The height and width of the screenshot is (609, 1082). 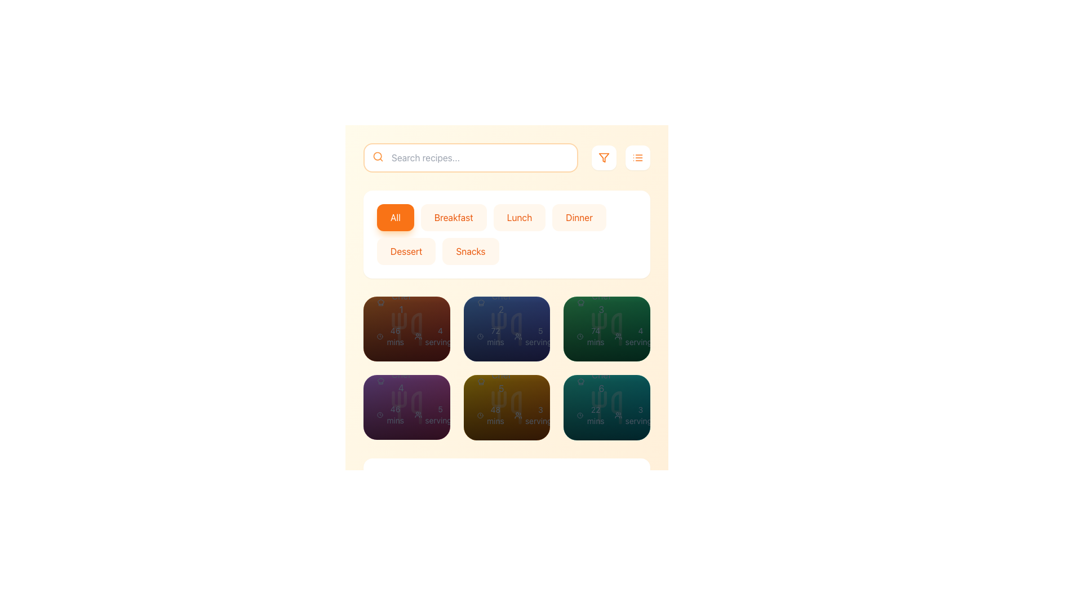 What do you see at coordinates (378, 156) in the screenshot?
I see `the SVG Circle of the search icon located` at bounding box center [378, 156].